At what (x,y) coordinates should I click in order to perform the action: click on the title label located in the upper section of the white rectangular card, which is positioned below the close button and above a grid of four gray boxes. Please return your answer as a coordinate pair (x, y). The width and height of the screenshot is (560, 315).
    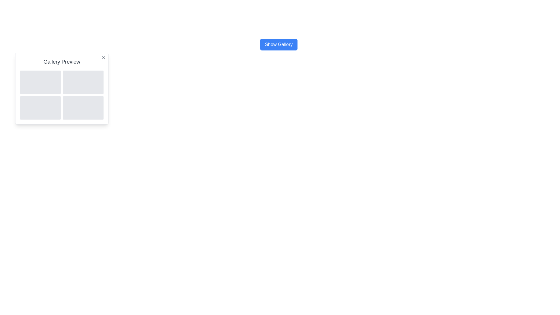
    Looking at the image, I should click on (62, 62).